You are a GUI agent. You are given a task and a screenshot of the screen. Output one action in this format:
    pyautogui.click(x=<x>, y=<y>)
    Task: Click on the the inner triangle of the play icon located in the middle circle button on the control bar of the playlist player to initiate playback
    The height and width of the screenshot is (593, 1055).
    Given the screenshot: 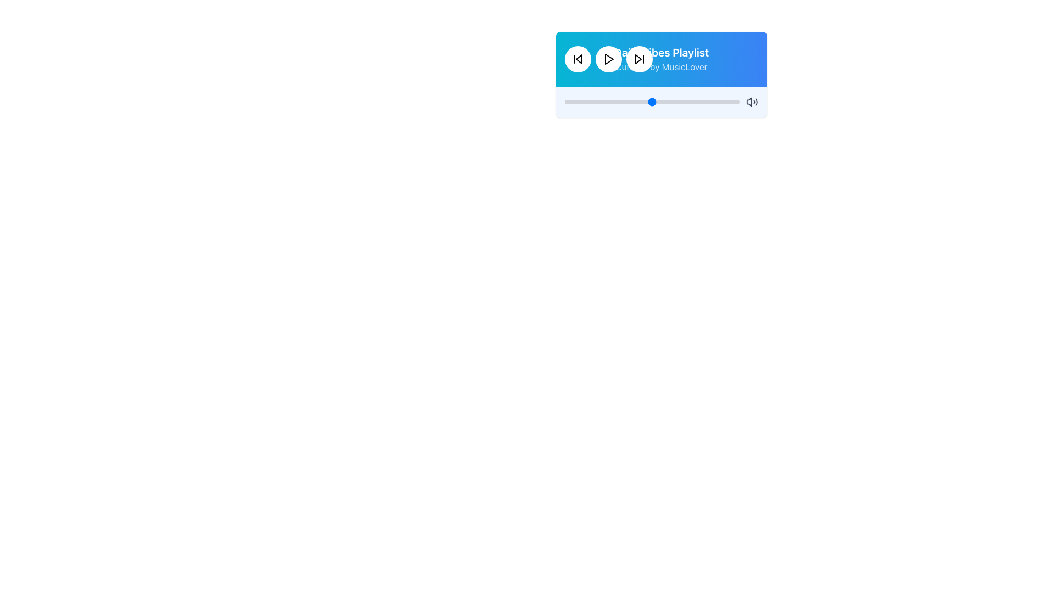 What is the action you would take?
    pyautogui.click(x=608, y=59)
    